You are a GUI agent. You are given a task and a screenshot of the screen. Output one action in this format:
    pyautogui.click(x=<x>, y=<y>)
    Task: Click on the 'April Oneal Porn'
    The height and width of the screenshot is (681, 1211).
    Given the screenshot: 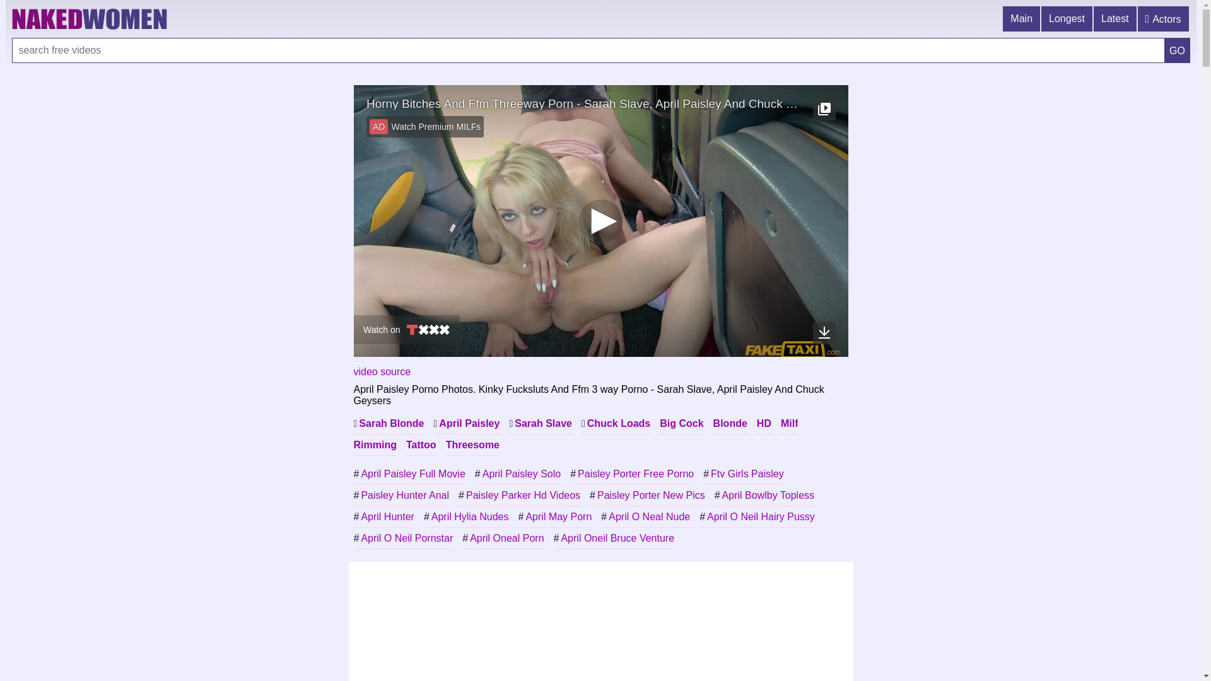 What is the action you would take?
    pyautogui.click(x=502, y=538)
    